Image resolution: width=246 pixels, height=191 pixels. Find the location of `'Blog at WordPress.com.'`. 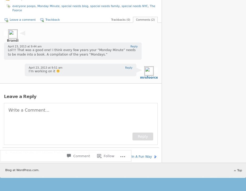

'Blog at WordPress.com.' is located at coordinates (22, 170).